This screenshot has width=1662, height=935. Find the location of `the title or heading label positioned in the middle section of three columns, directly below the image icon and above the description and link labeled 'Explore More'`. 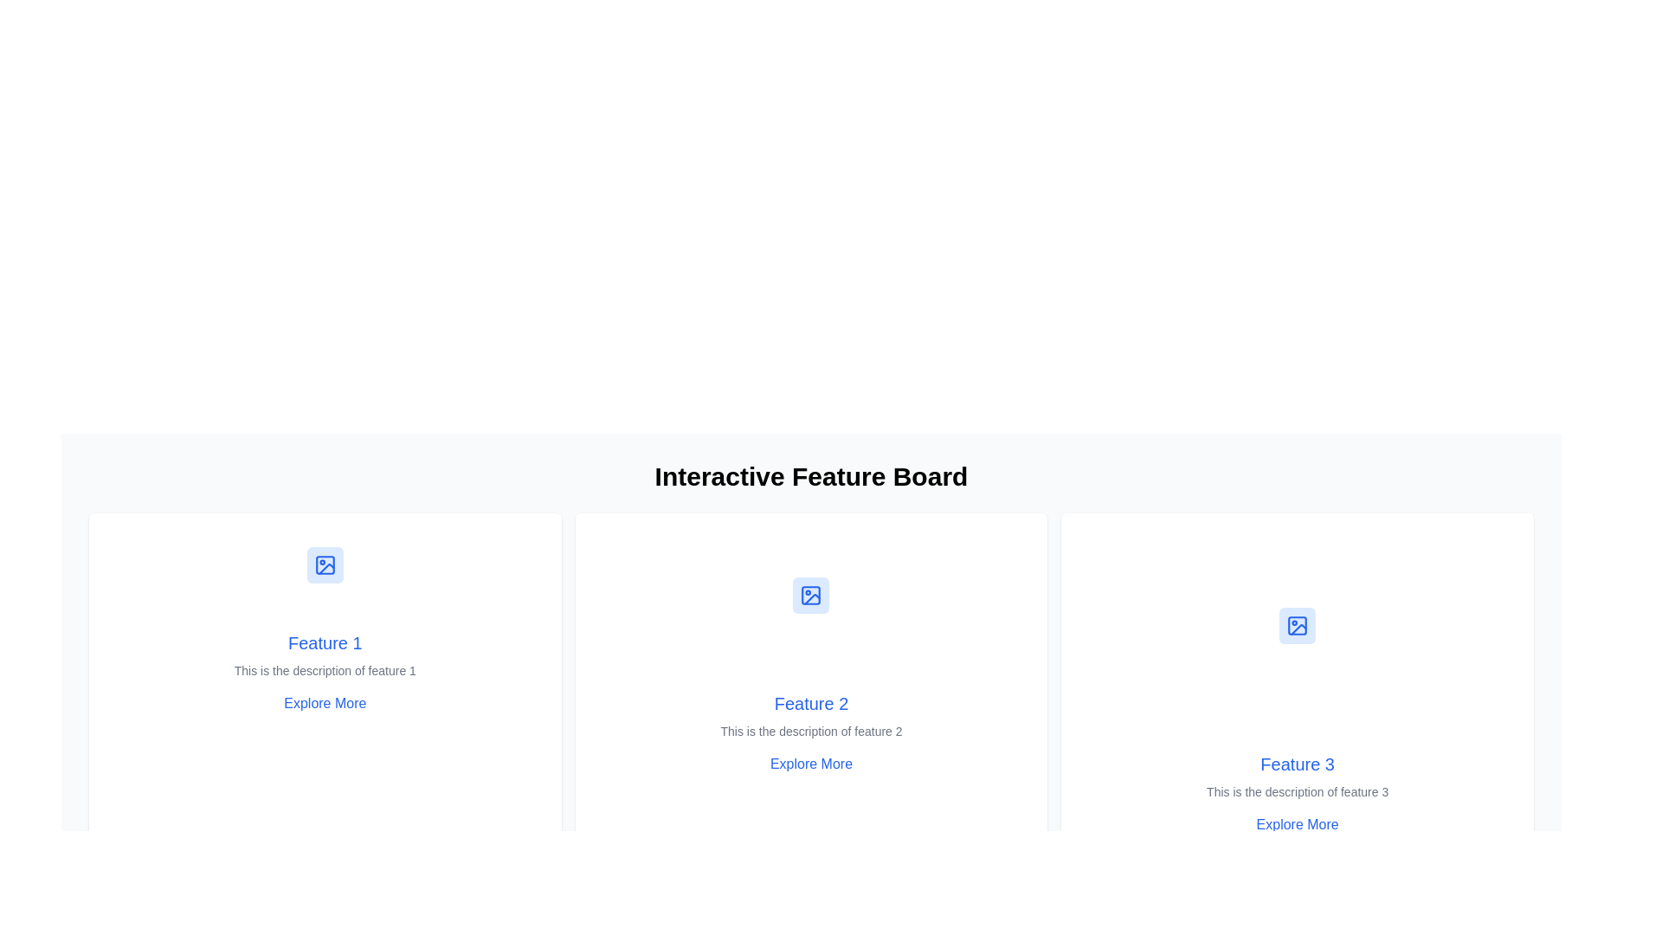

the title or heading label positioned in the middle section of three columns, directly below the image icon and above the description and link labeled 'Explore More' is located at coordinates (810, 704).